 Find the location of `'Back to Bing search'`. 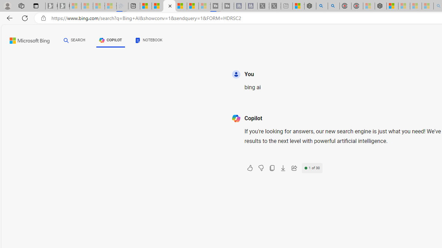

'Back to Bing search' is located at coordinates (25, 39).